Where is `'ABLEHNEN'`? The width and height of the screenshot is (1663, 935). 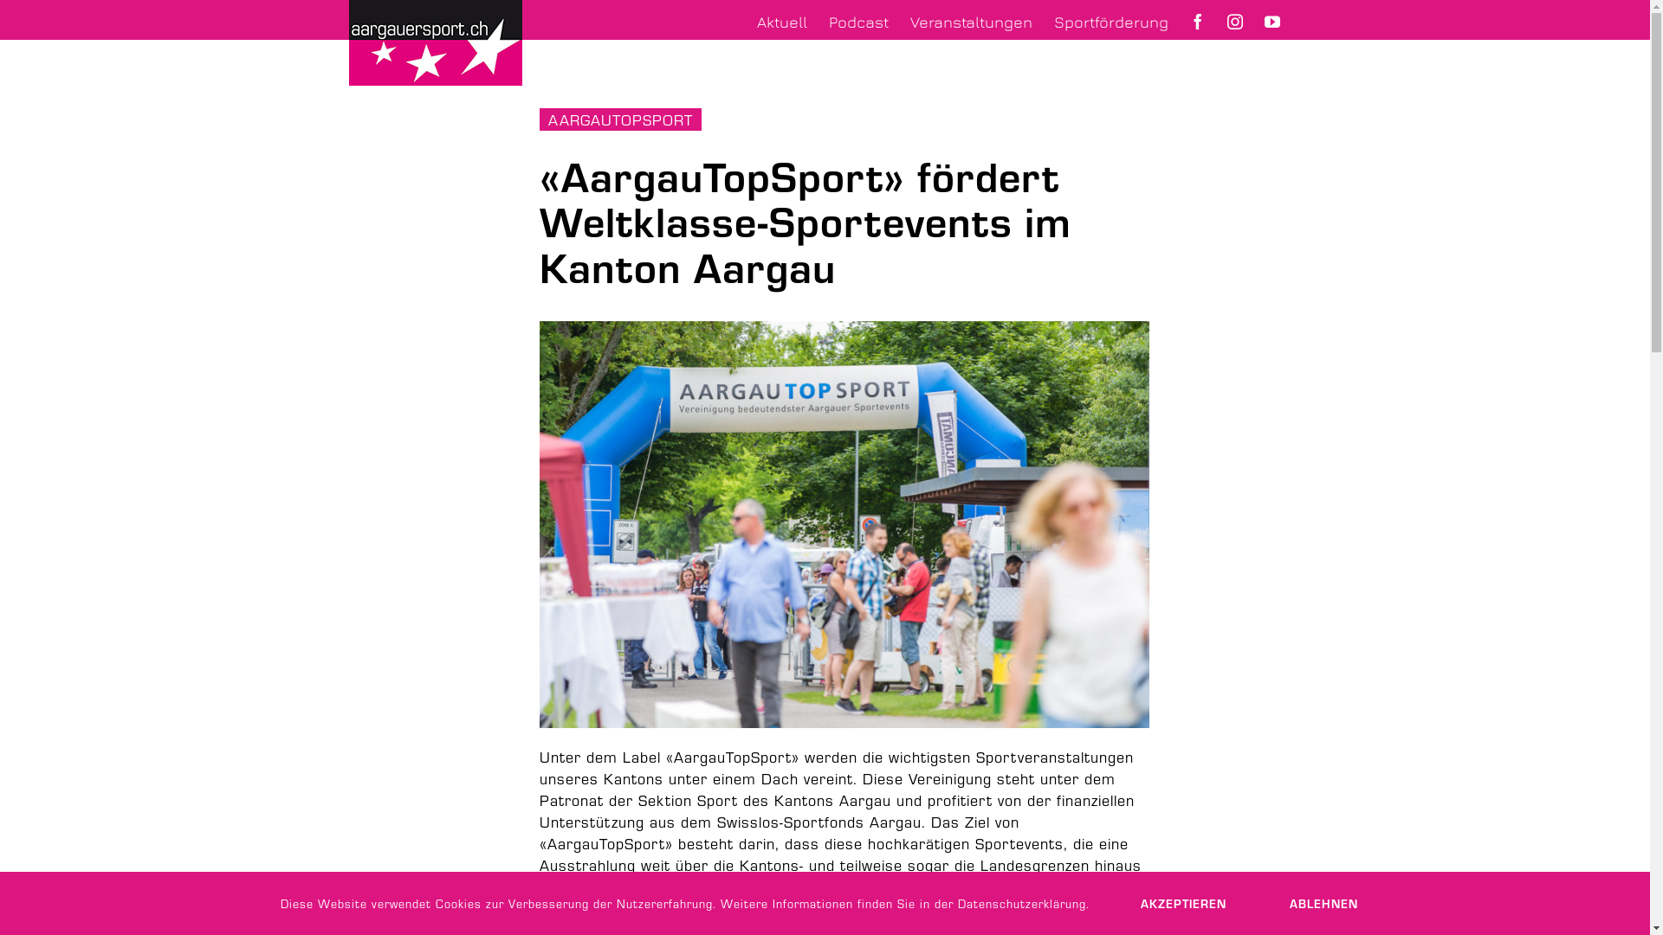 'ABLEHNEN' is located at coordinates (1323, 902).